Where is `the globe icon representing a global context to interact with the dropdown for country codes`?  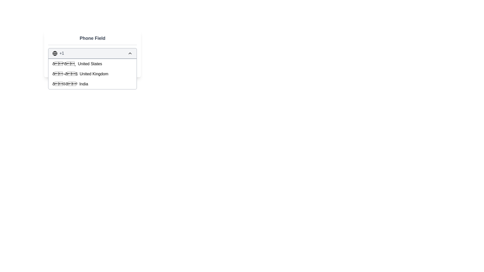 the globe icon representing a global context to interact with the dropdown for country codes is located at coordinates (55, 53).